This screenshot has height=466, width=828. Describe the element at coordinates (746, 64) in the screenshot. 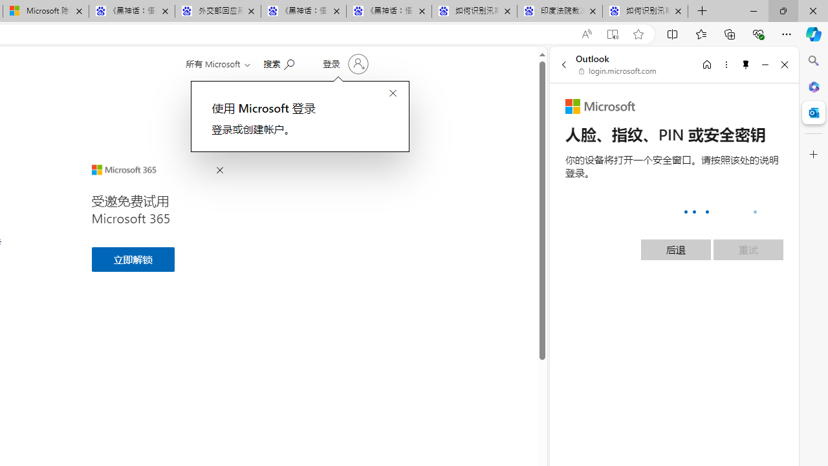

I see `'Unpin side pane'` at that location.